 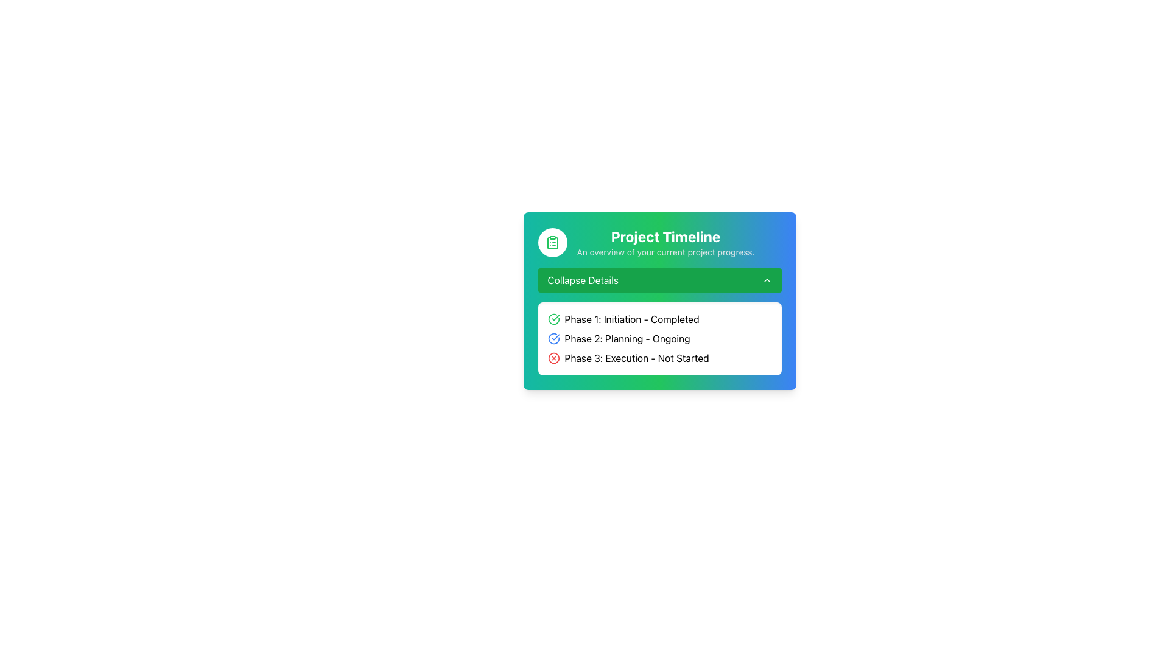 What do you see at coordinates (552, 242) in the screenshot?
I see `the clipboard-shaped icon with a green background, located at the top-left corner of the 'Project Timeline' card, above the title and description` at bounding box center [552, 242].